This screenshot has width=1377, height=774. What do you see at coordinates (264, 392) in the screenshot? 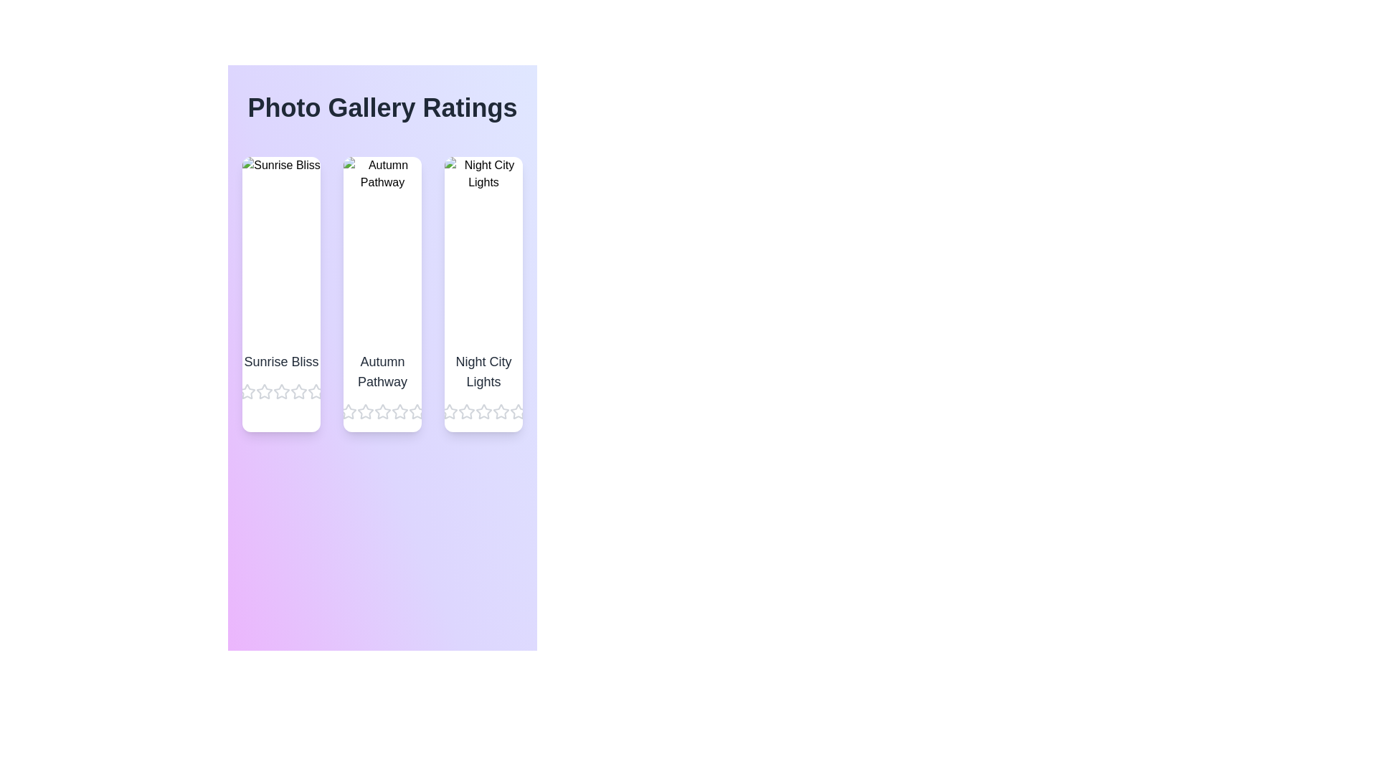
I see `the star corresponding to 2 stars for the image titled Sunrise Bliss` at bounding box center [264, 392].